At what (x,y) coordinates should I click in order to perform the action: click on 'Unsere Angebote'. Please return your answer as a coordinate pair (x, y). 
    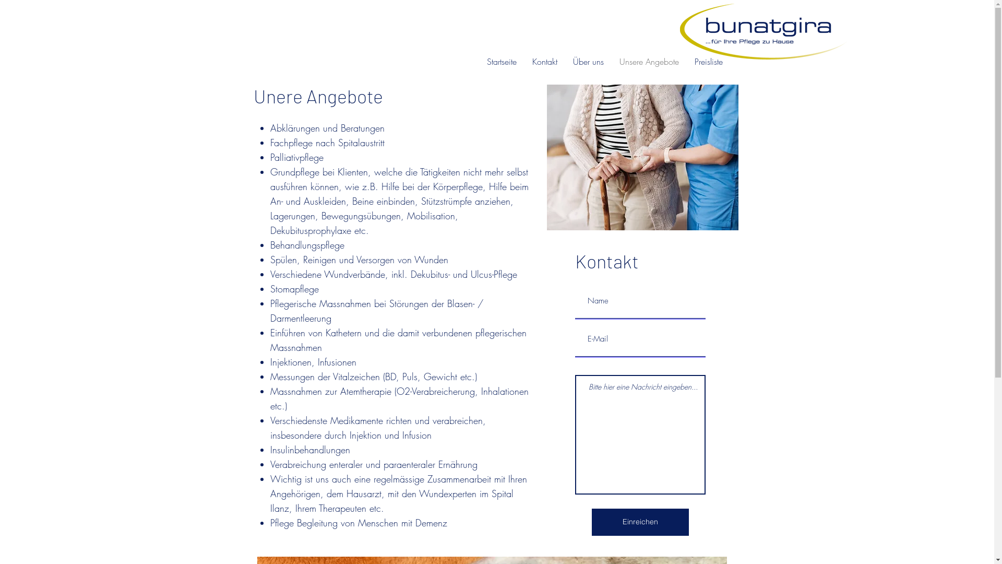
    Looking at the image, I should click on (648, 62).